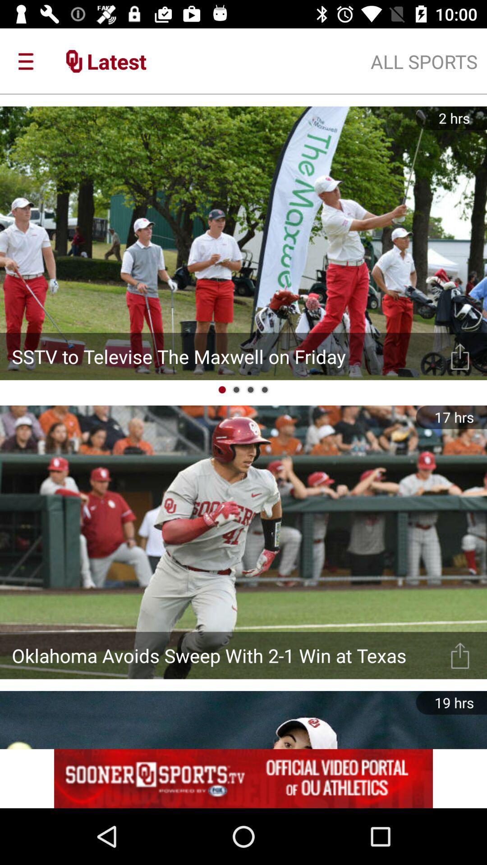 This screenshot has width=487, height=865. What do you see at coordinates (460, 656) in the screenshot?
I see `the icon which is above 19 hrs` at bounding box center [460, 656].